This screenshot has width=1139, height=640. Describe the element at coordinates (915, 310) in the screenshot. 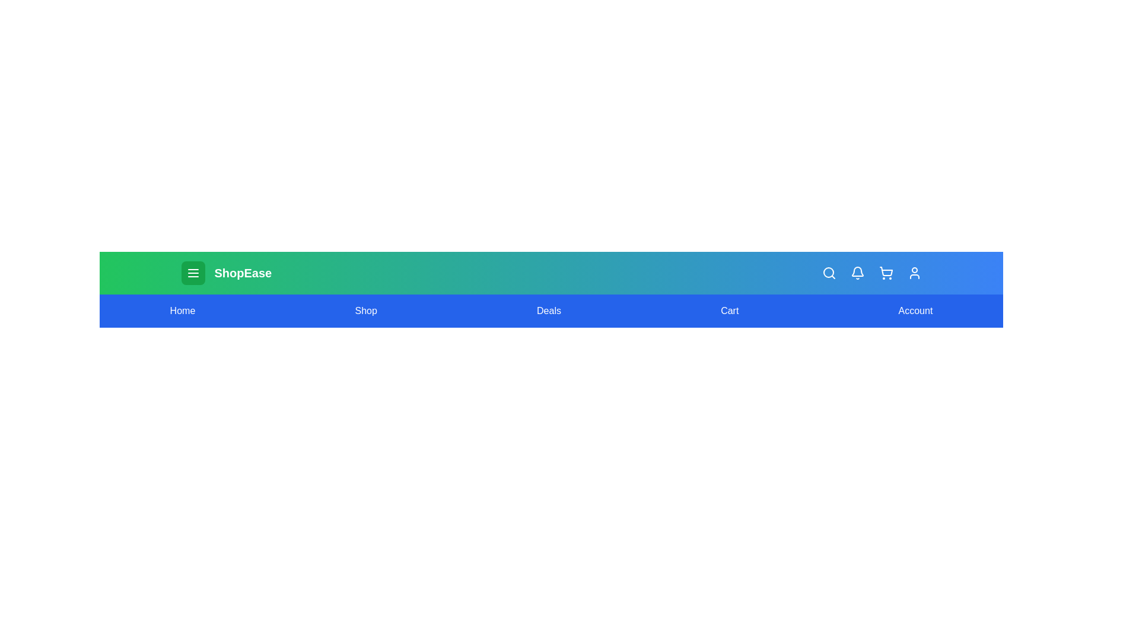

I see `the Account navigation link to navigate to the corresponding section` at that location.